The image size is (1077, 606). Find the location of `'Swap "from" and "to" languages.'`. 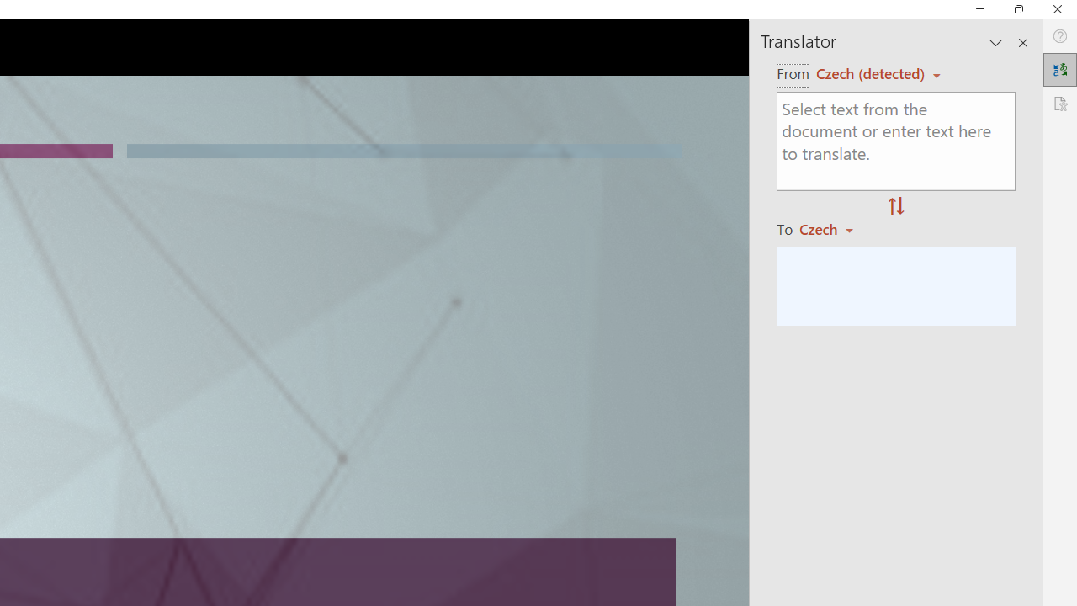

'Swap "from" and "to" languages.' is located at coordinates (895, 205).